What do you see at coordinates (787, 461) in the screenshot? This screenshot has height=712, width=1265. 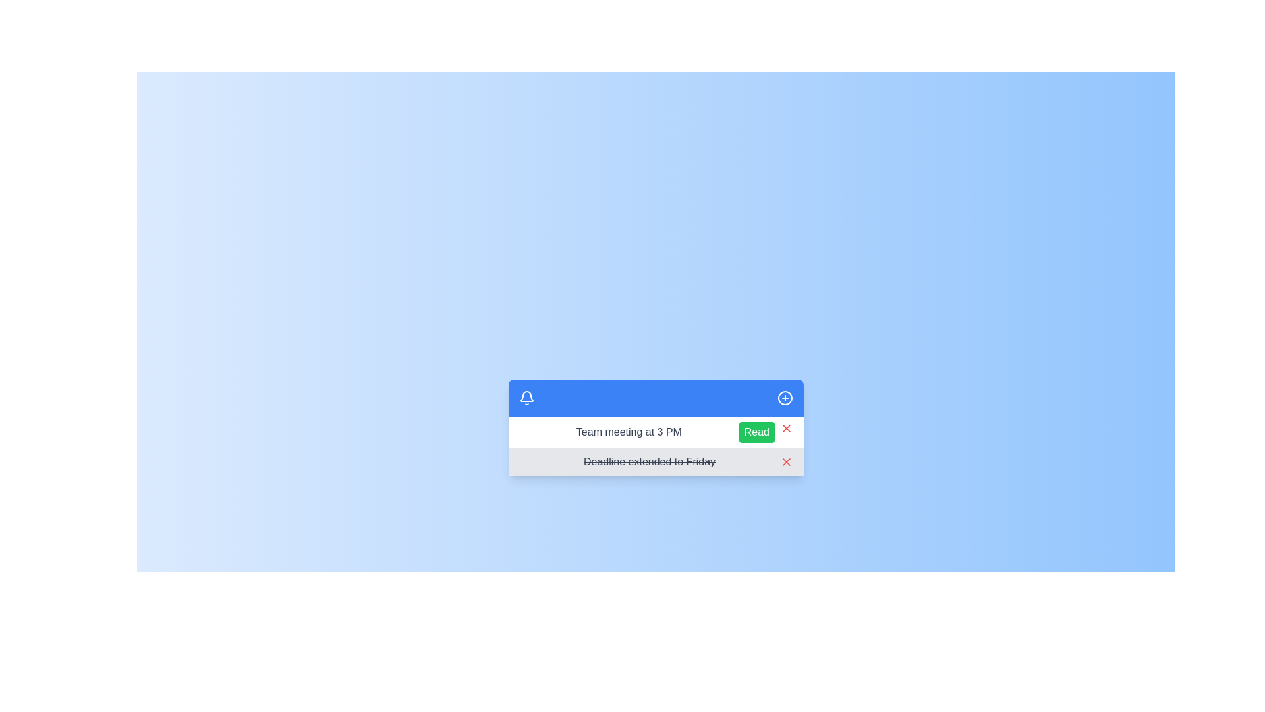 I see `the dismiss button (rightmost icon) in the notification bar` at bounding box center [787, 461].